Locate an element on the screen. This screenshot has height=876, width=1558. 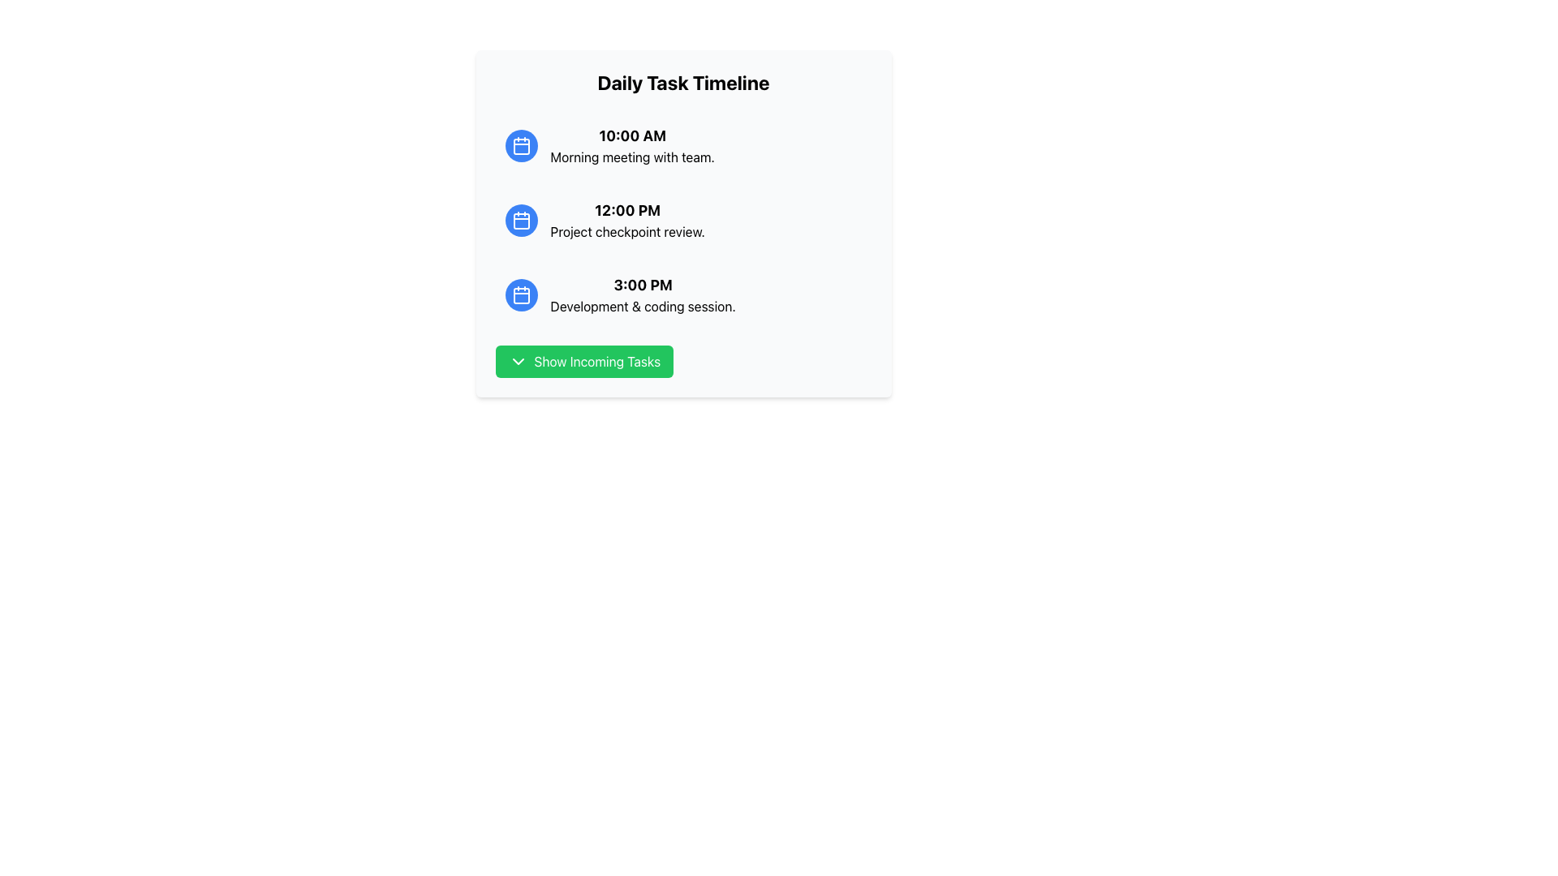
the first calendar icon with a blue fill next to the '10:00 AM Morning meeting with team' entry in the UI is located at coordinates (521, 146).